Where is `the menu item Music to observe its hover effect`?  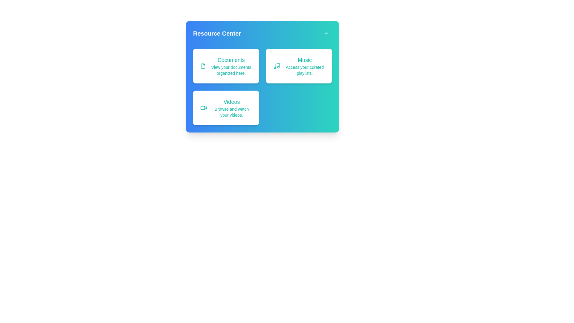 the menu item Music to observe its hover effect is located at coordinates (299, 66).